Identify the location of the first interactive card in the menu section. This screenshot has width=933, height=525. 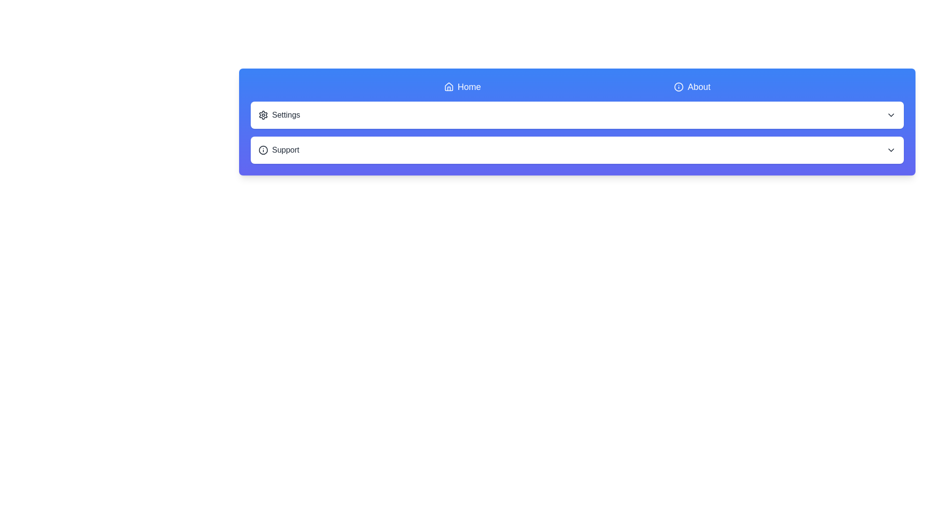
(577, 114).